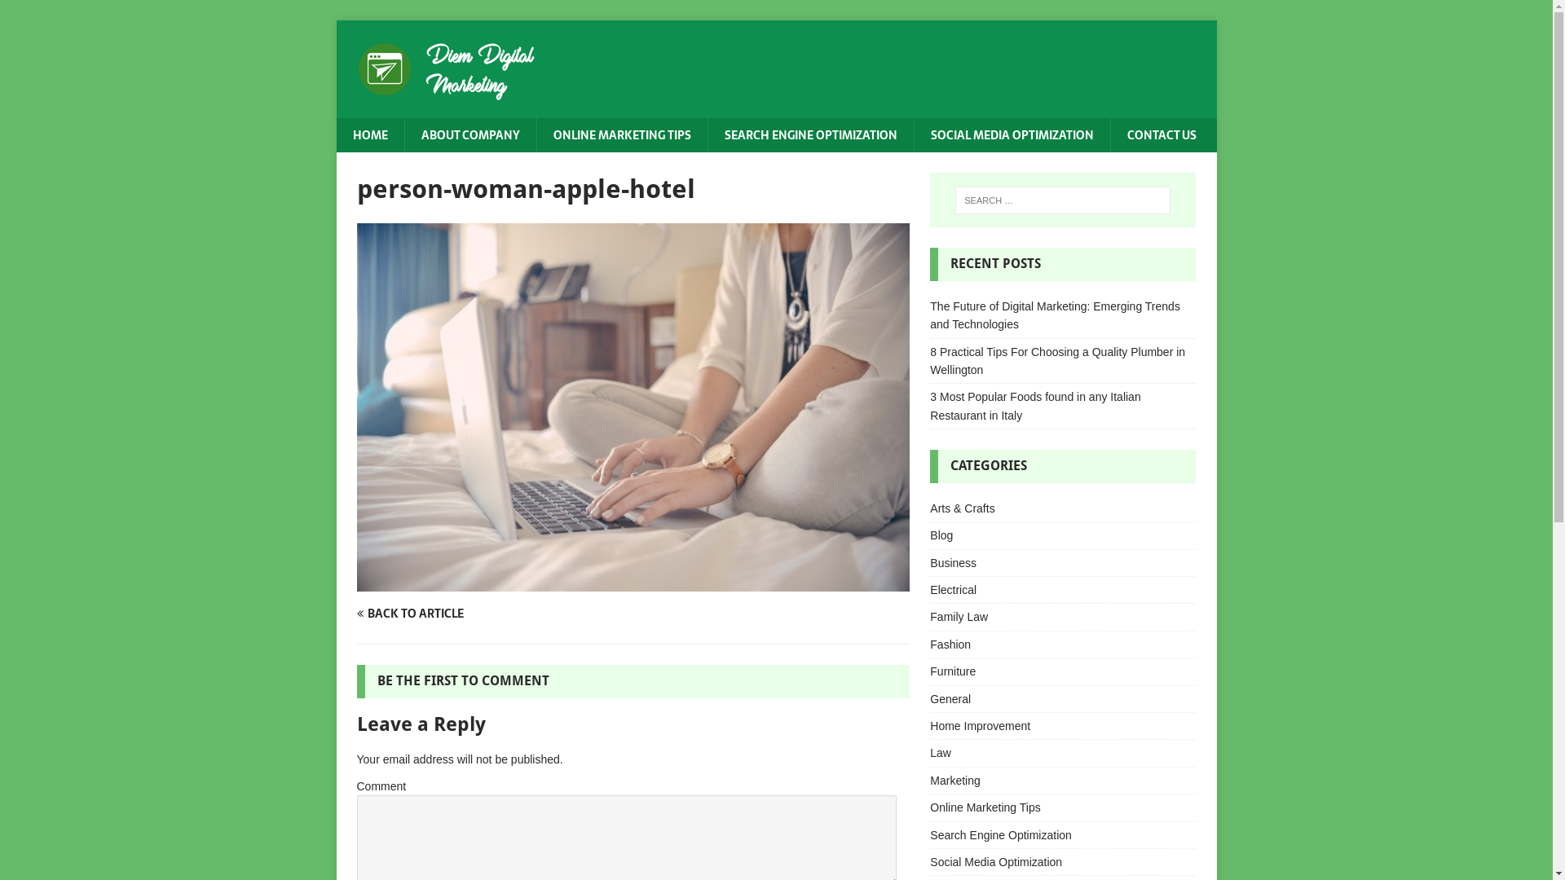 This screenshot has width=1565, height=880. Describe the element at coordinates (1063, 753) in the screenshot. I see `'Law'` at that location.